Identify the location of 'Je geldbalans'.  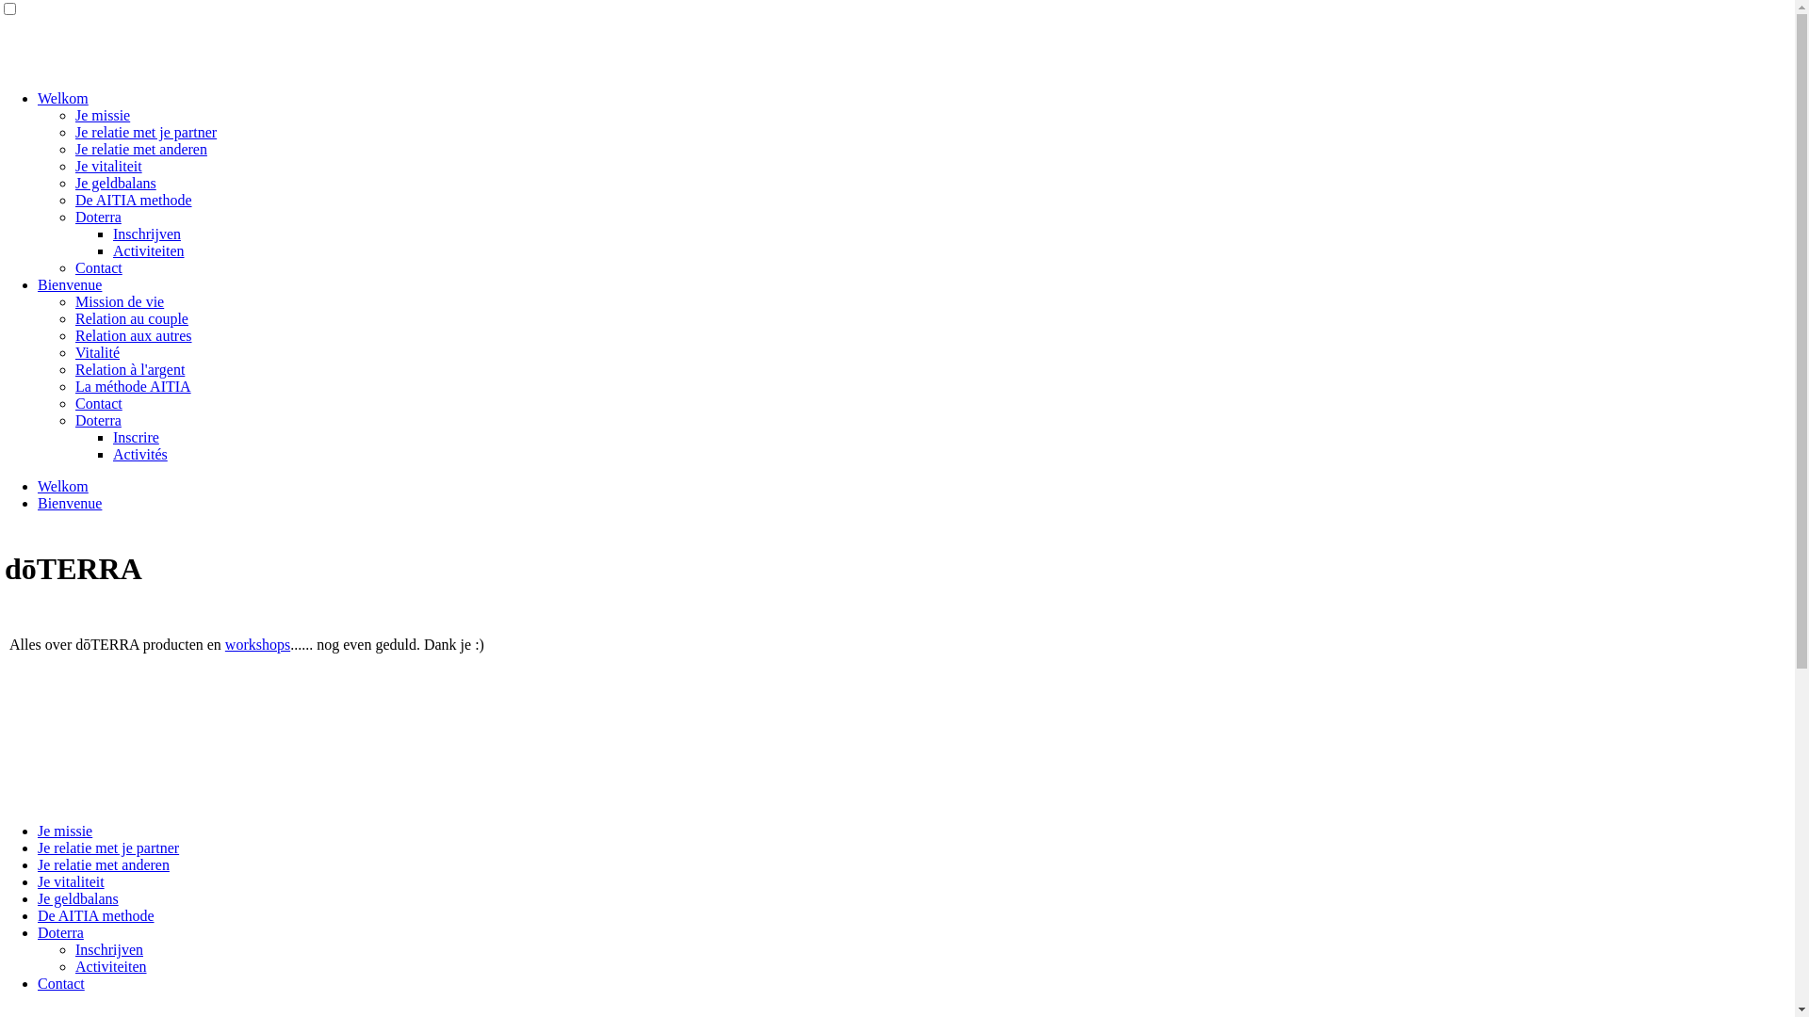
(37, 897).